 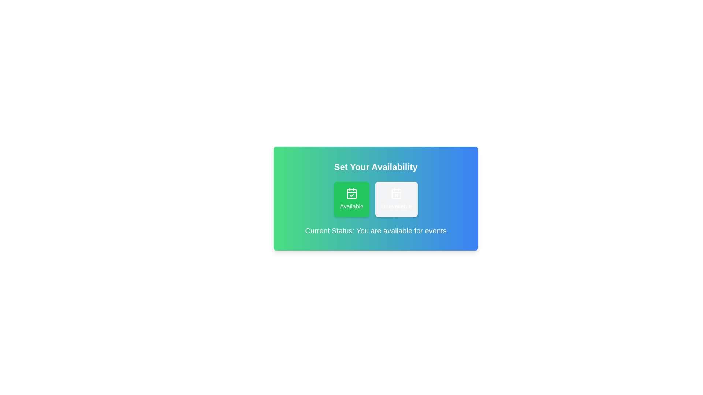 What do you see at coordinates (396, 199) in the screenshot?
I see `the button labeled Unavailable to observe visual feedback` at bounding box center [396, 199].